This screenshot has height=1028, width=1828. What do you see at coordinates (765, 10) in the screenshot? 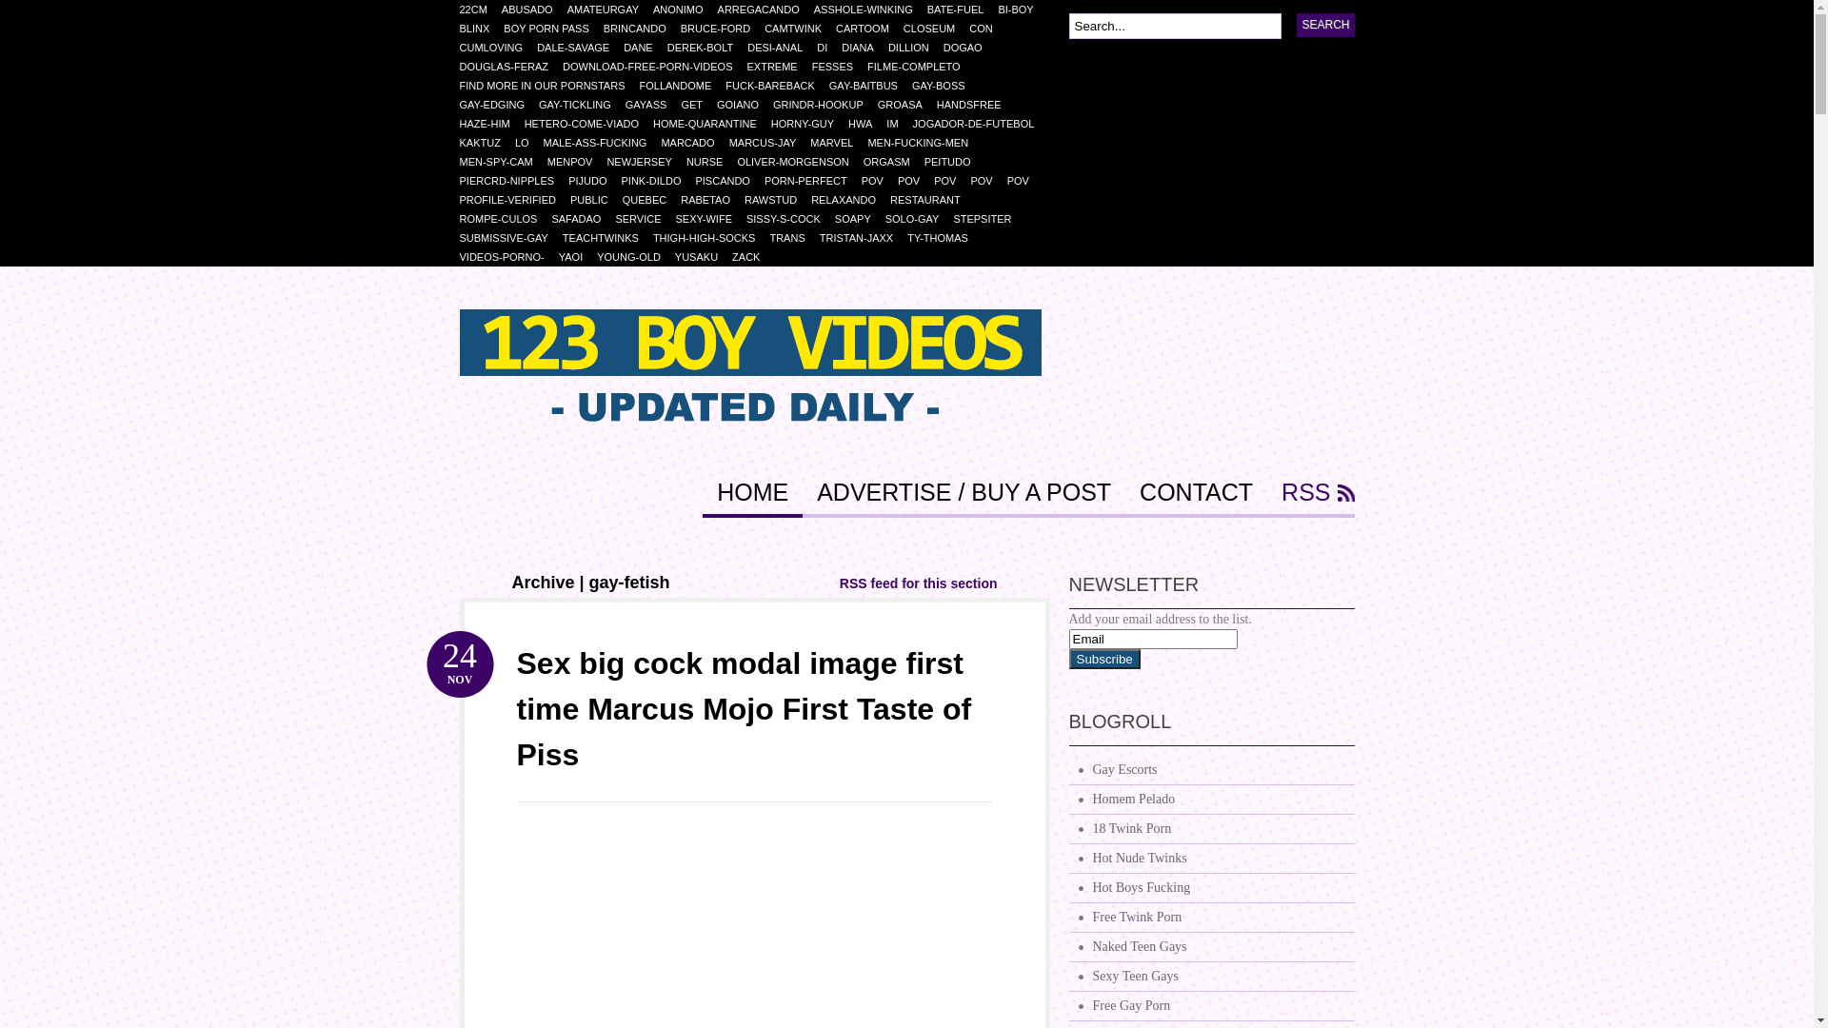
I see `'ARREGACANDO'` at bounding box center [765, 10].